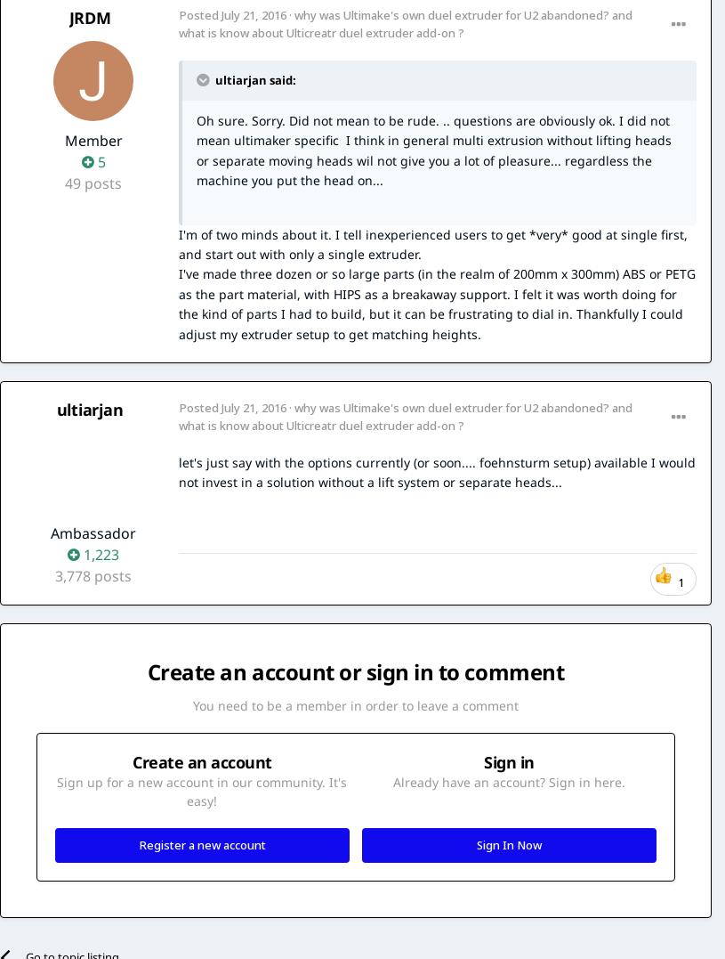 This screenshot has width=725, height=959. I want to click on 'Member', so click(62, 140).